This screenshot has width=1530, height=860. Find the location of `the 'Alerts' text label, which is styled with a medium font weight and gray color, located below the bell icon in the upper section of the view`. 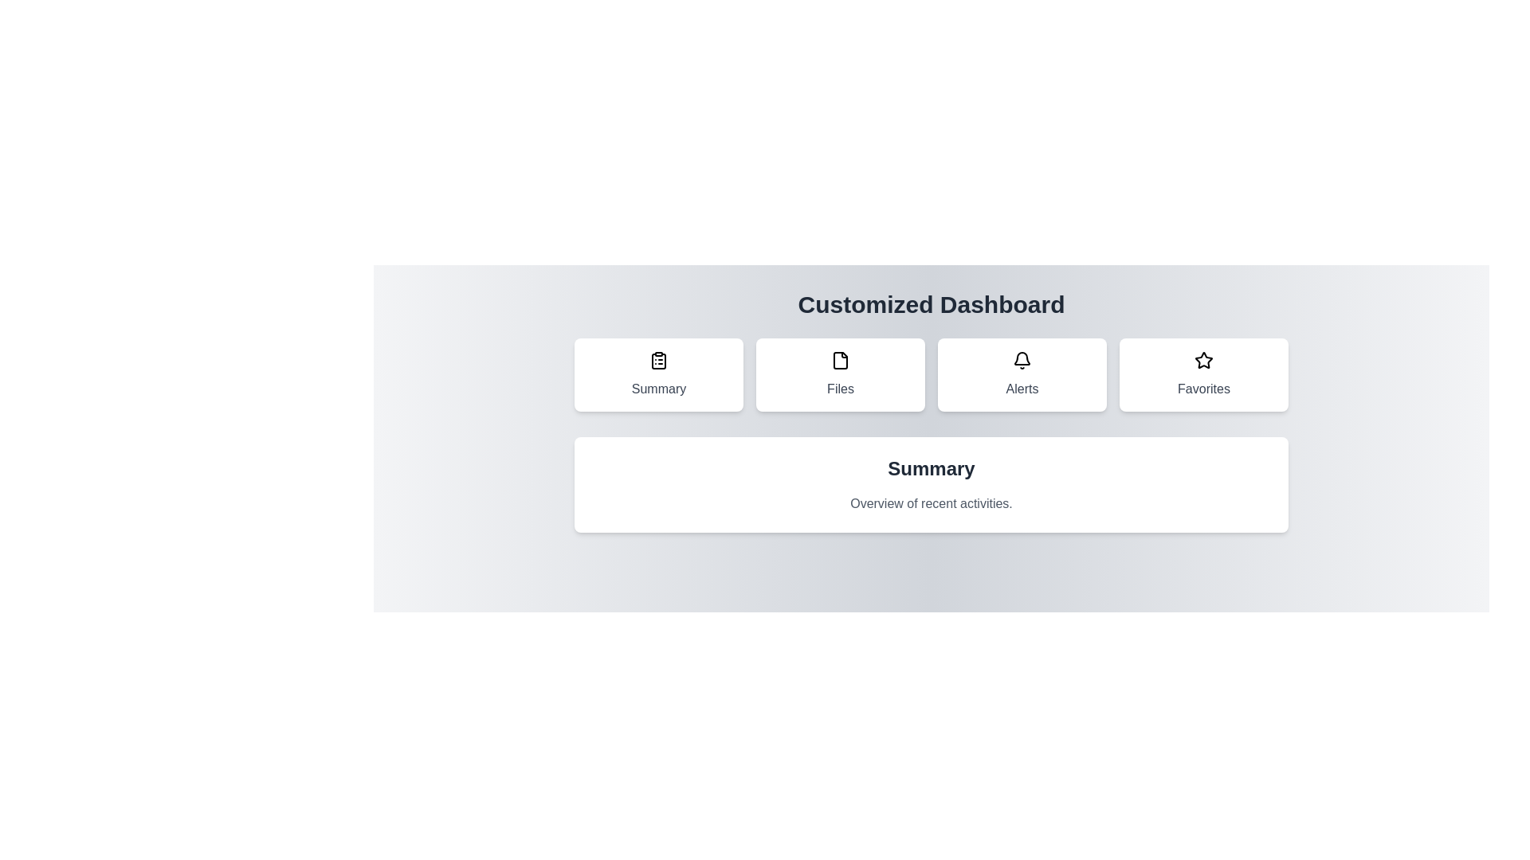

the 'Alerts' text label, which is styled with a medium font weight and gray color, located below the bell icon in the upper section of the view is located at coordinates (1022, 389).